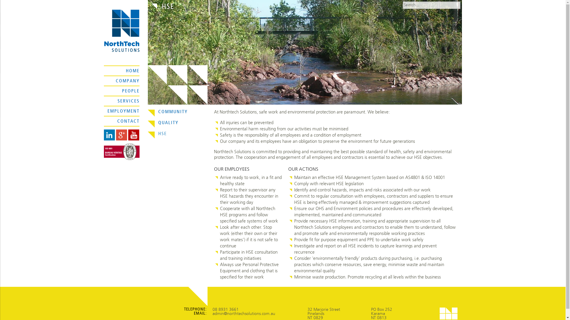  I want to click on 'COMMUNITY', so click(178, 113).